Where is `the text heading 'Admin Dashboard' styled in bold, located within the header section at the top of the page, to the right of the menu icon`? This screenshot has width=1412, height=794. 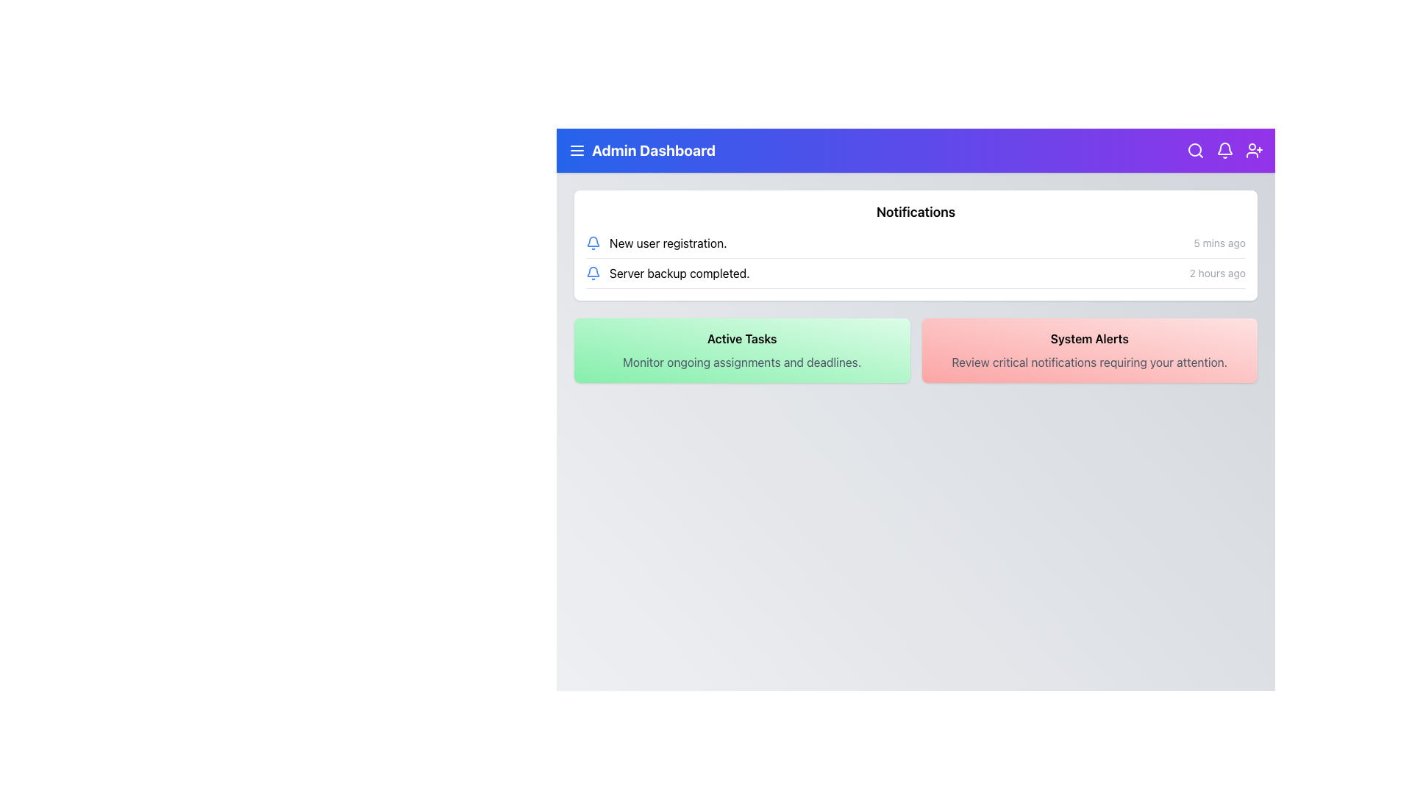
the text heading 'Admin Dashboard' styled in bold, located within the header section at the top of the page, to the right of the menu icon is located at coordinates (642, 150).